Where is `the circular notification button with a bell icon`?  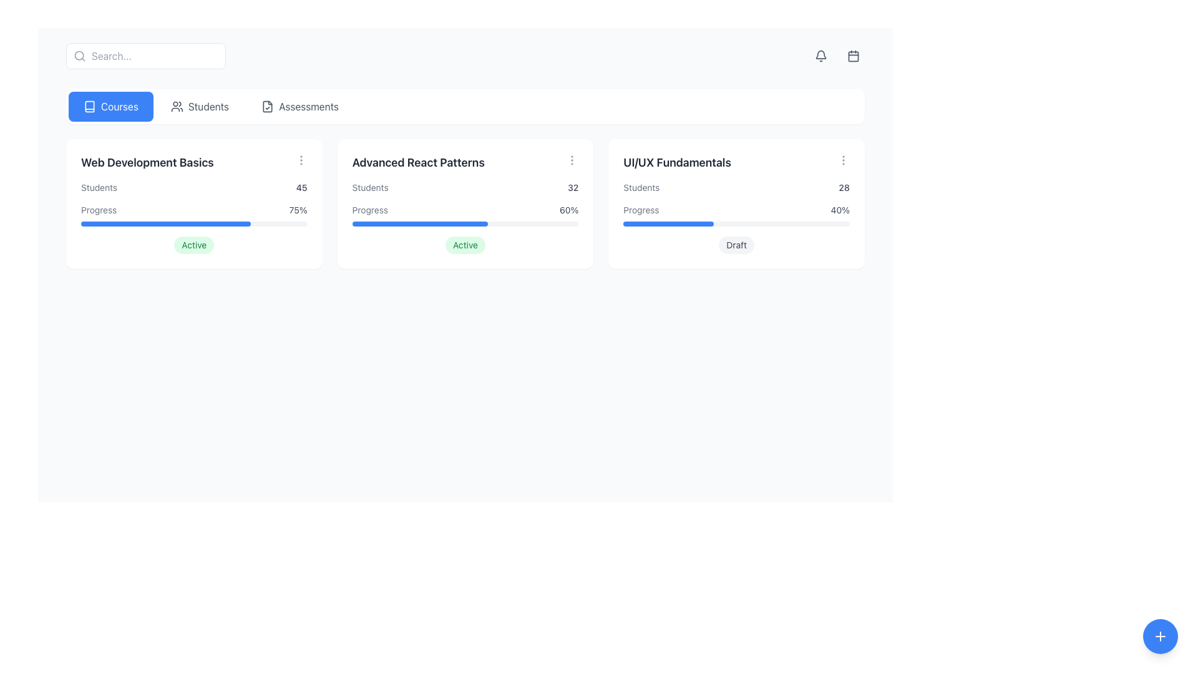
the circular notification button with a bell icon is located at coordinates (821, 55).